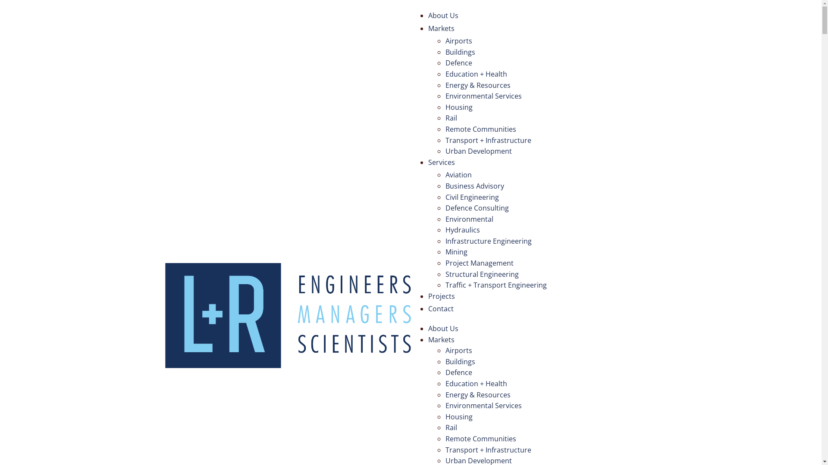 The image size is (828, 465). Describe the element at coordinates (475, 74) in the screenshot. I see `'Education + Health'` at that location.